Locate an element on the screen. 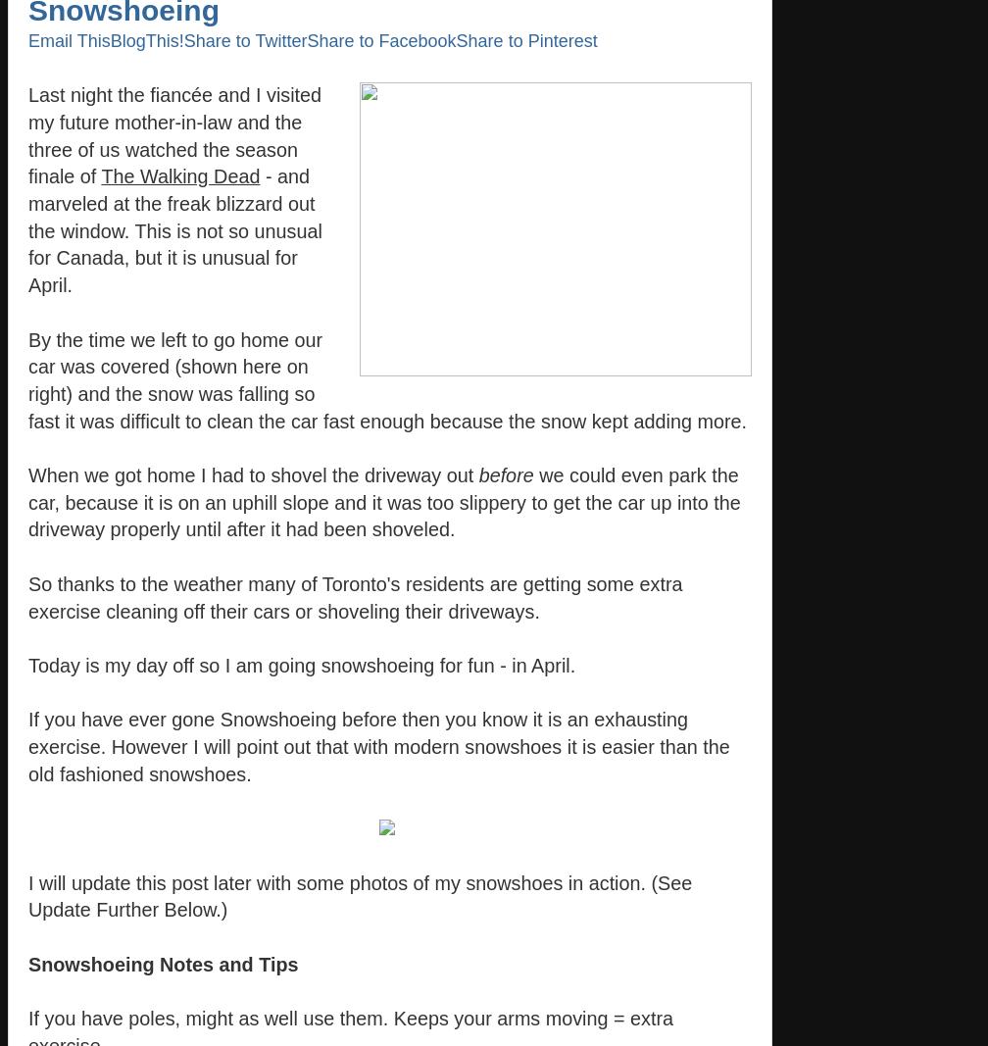 This screenshot has width=988, height=1046. 'When we got home I had to shovel the driveway out' is located at coordinates (28, 473).